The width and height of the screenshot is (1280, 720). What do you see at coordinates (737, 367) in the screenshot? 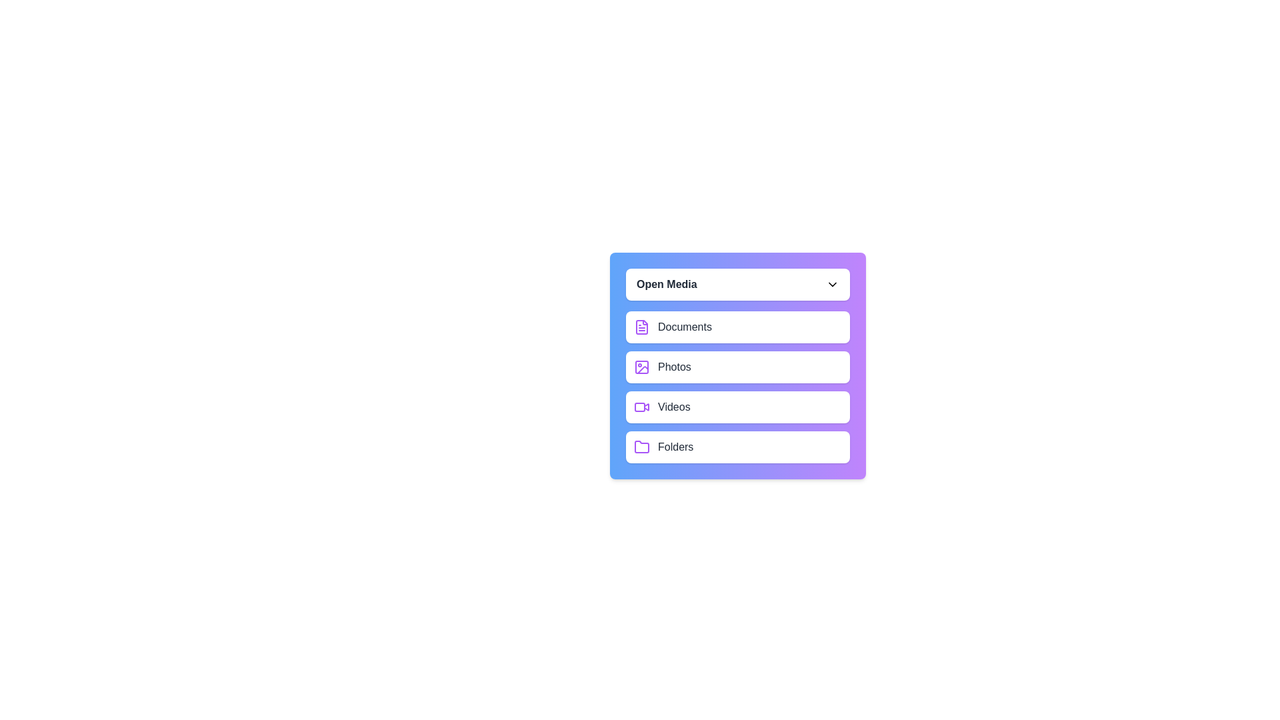
I see `the 'Photos' button, which is the second button in the 'Open Media' panel, located below the 'Documents' button and above the 'Videos' button` at bounding box center [737, 367].